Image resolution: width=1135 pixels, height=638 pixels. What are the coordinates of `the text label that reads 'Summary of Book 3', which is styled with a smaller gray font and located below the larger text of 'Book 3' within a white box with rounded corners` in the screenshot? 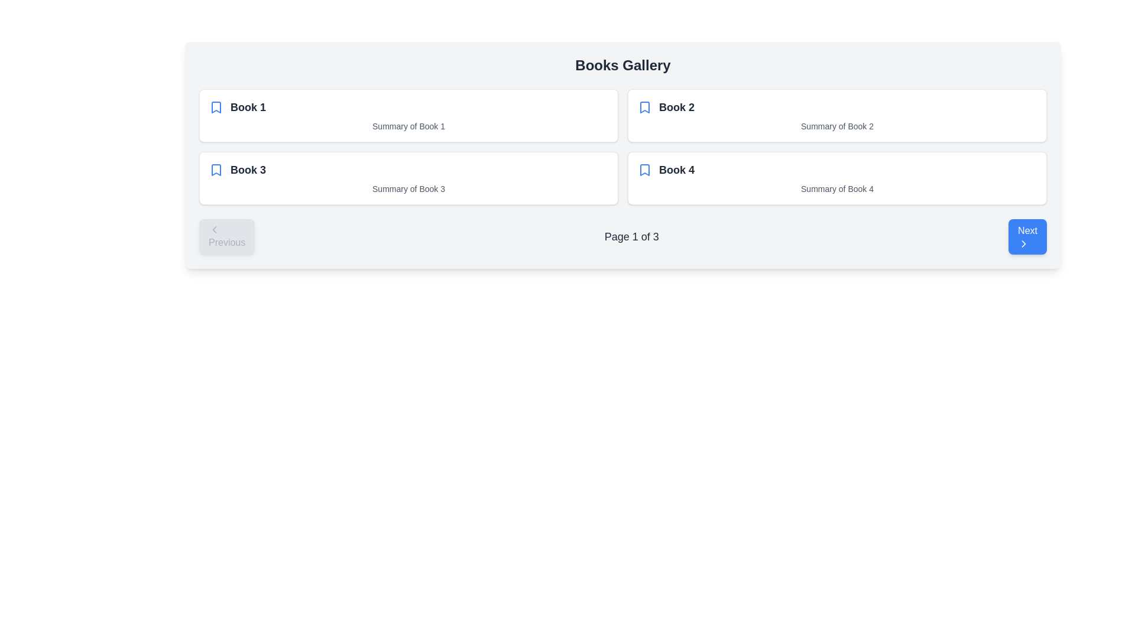 It's located at (408, 188).